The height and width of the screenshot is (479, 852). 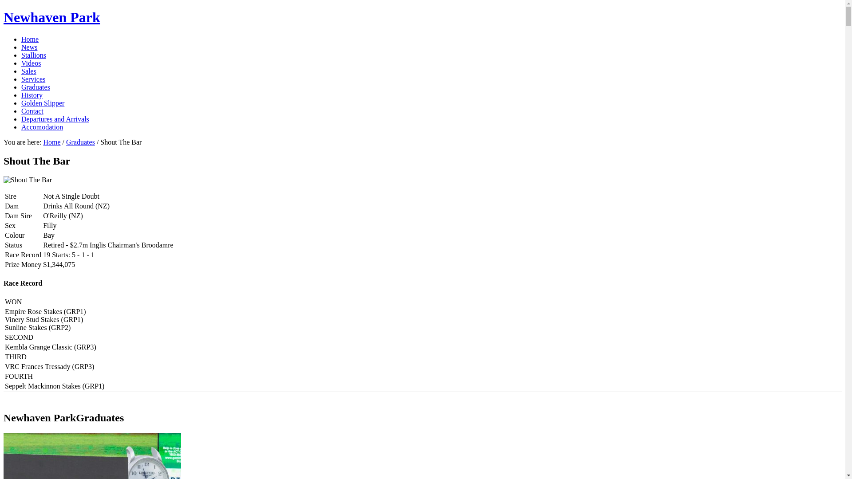 What do you see at coordinates (80, 141) in the screenshot?
I see `'Graduates'` at bounding box center [80, 141].